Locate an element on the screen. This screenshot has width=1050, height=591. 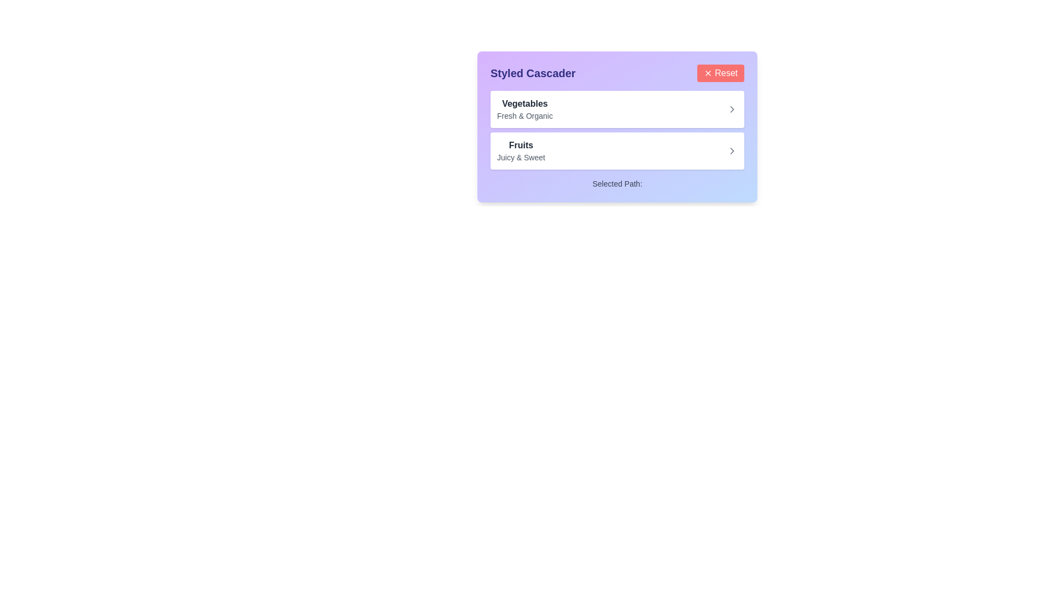
the small cross (X) shaped icon located within the red circular background to the left of the 'Reset' button in the top-right corner is located at coordinates (708, 73).